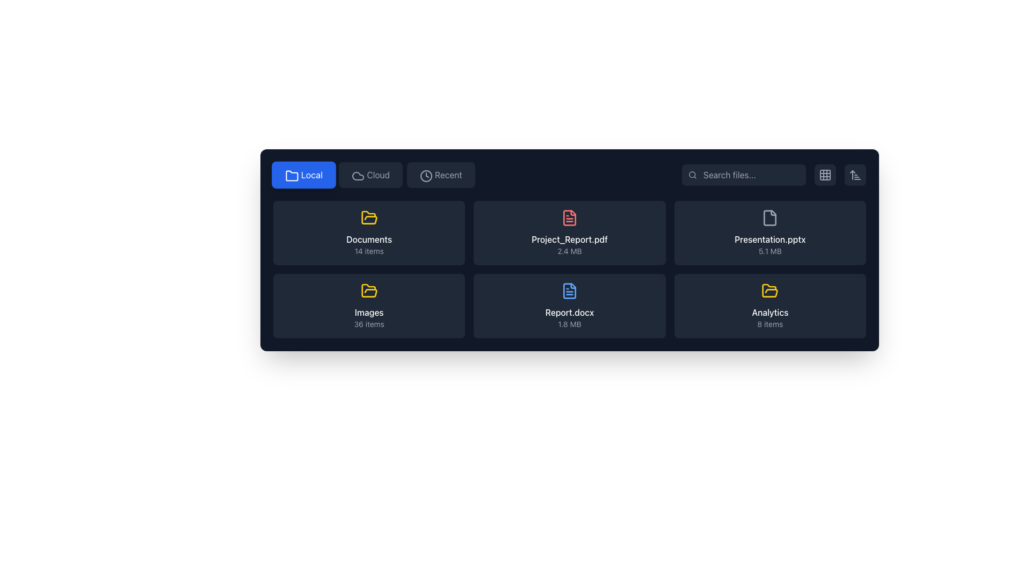  What do you see at coordinates (569, 244) in the screenshot?
I see `the text-based informational component displaying 'Project_Report.pdf' and its file size '2.4 MB', located in the center row of the file selection interface` at bounding box center [569, 244].